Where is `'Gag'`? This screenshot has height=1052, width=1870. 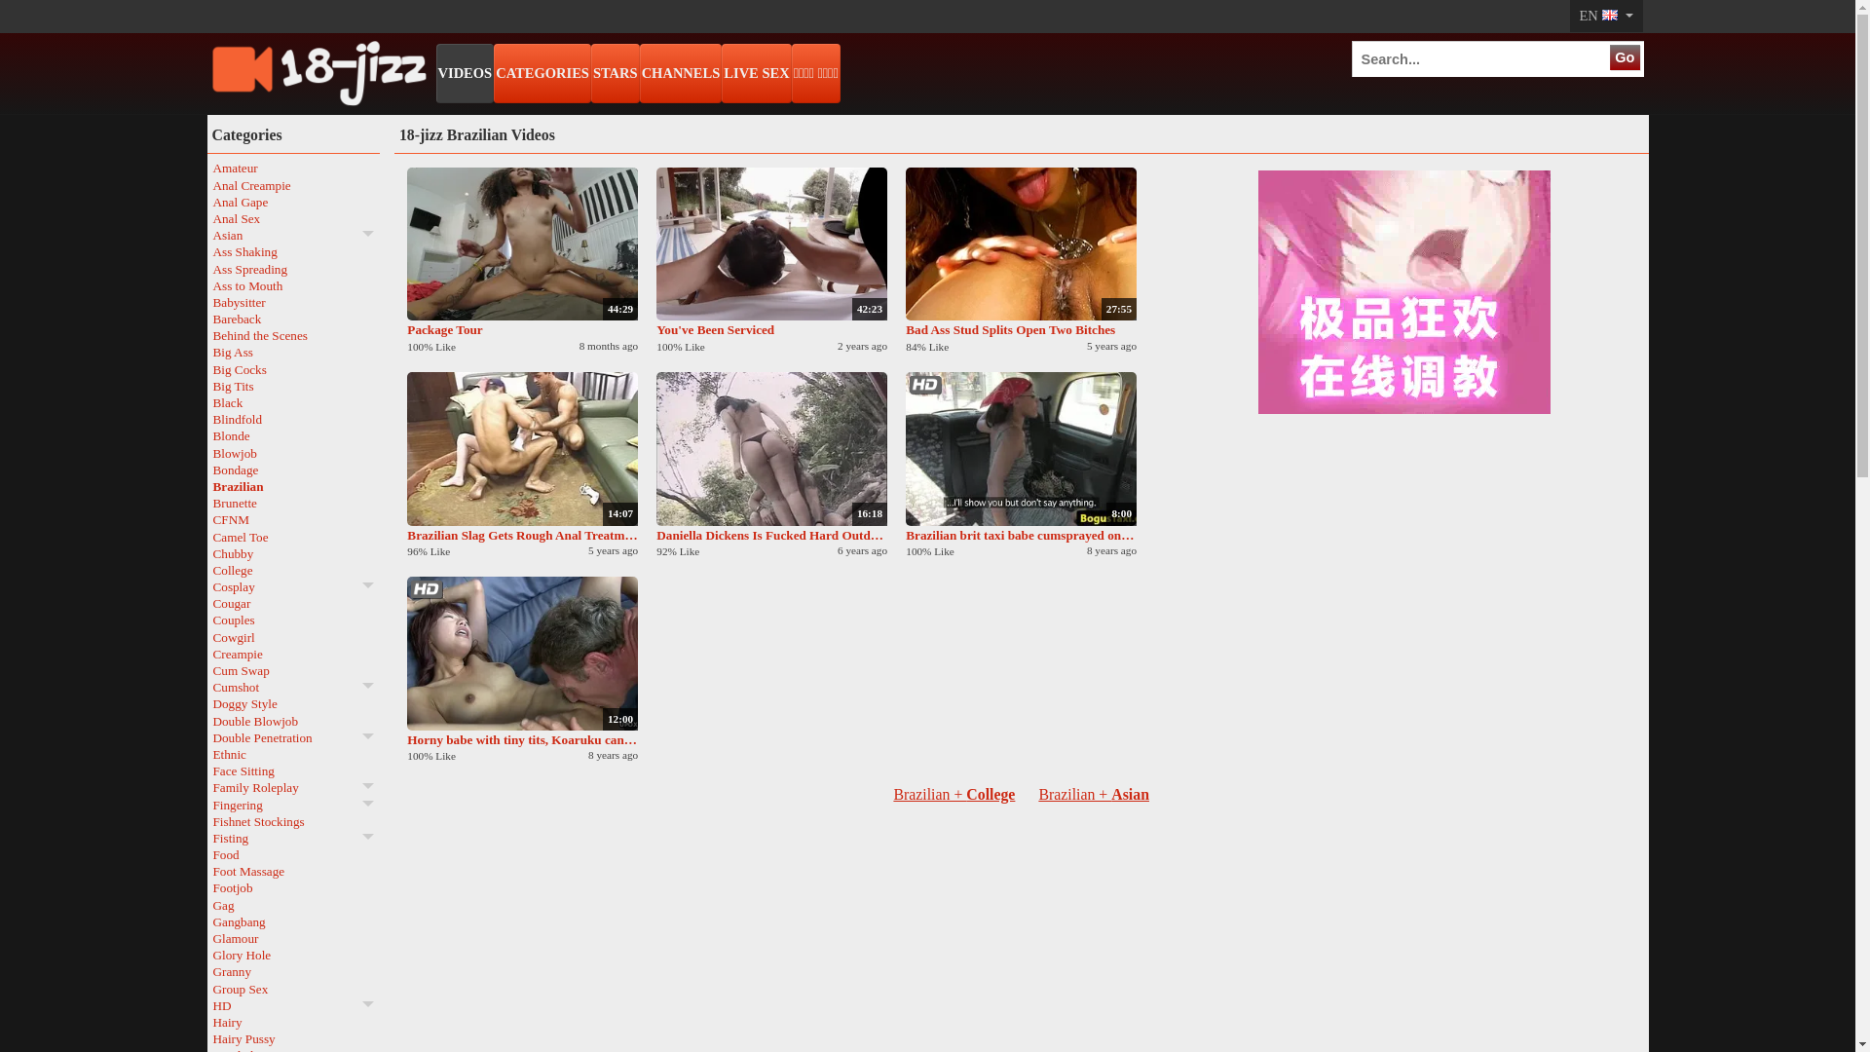
'Gag' is located at coordinates (292, 905).